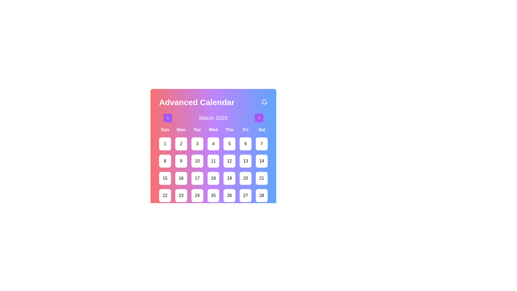 This screenshot has height=291, width=517. What do you see at coordinates (229, 178) in the screenshot?
I see `the square button with the number '19' in black text at its center` at bounding box center [229, 178].